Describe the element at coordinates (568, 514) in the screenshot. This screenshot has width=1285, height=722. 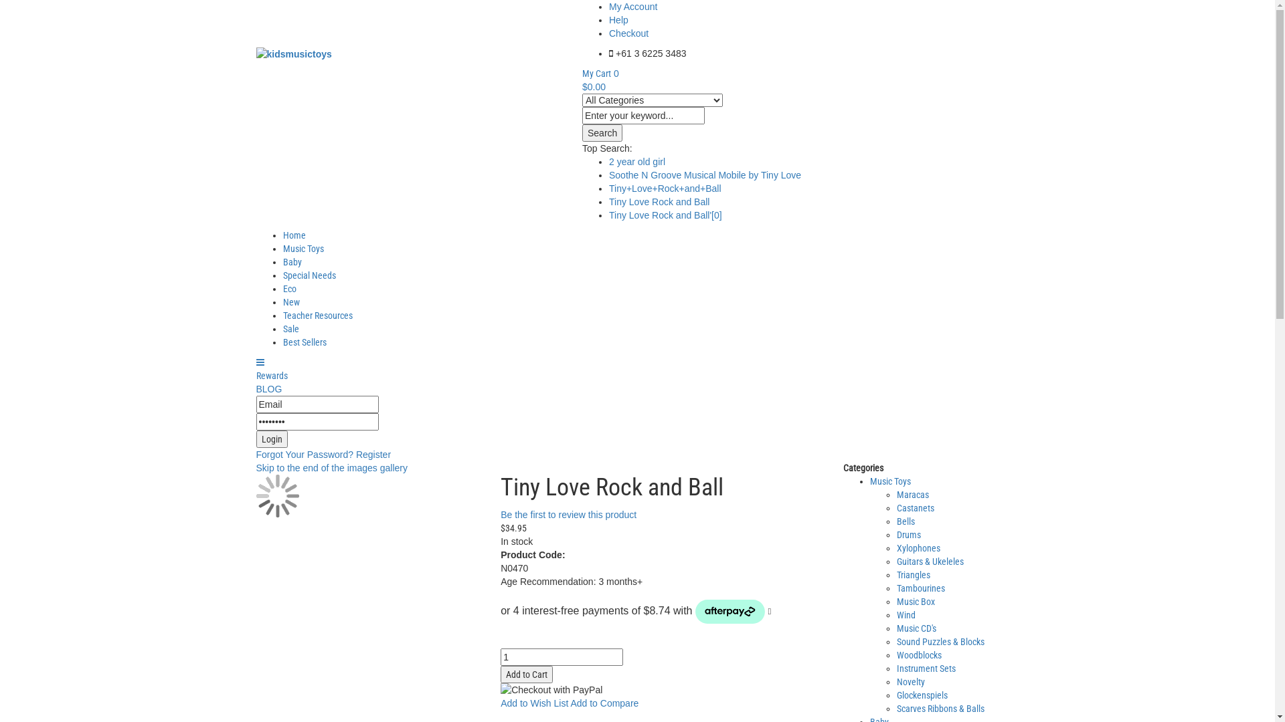
I see `'Be the first to review this product'` at that location.